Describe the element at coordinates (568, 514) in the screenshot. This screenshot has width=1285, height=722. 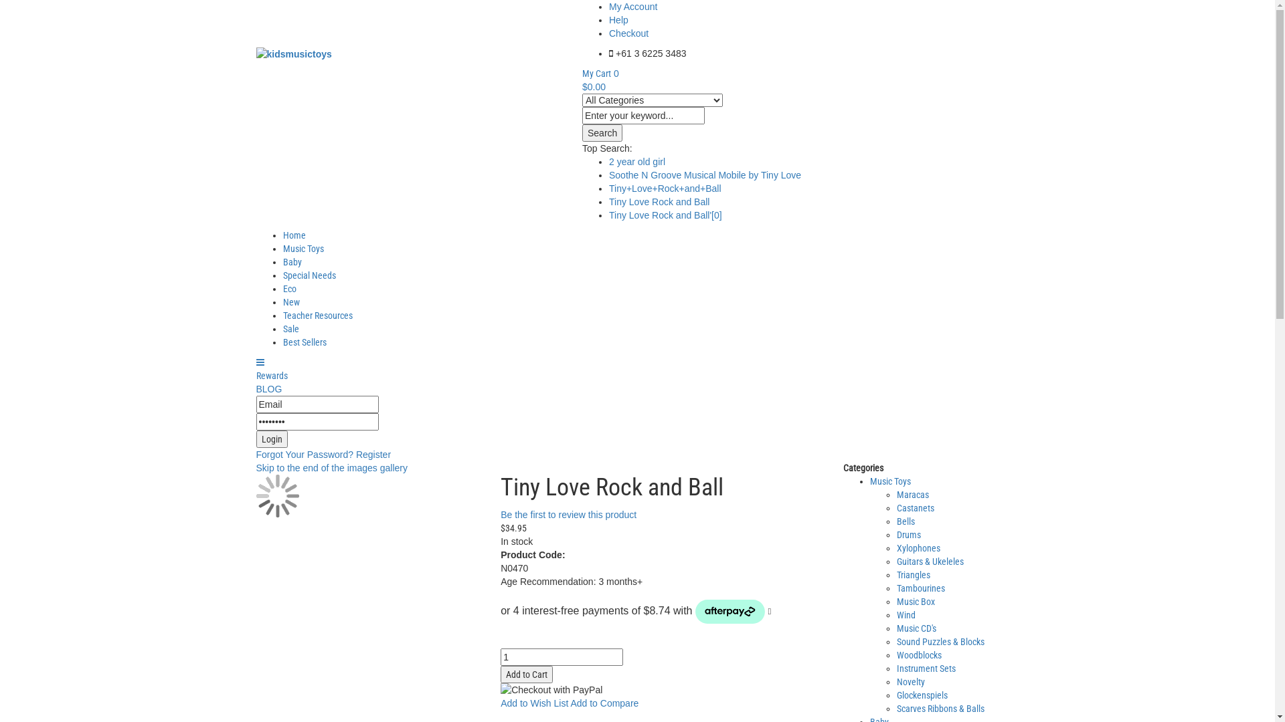
I see `'Be the first to review this product'` at that location.